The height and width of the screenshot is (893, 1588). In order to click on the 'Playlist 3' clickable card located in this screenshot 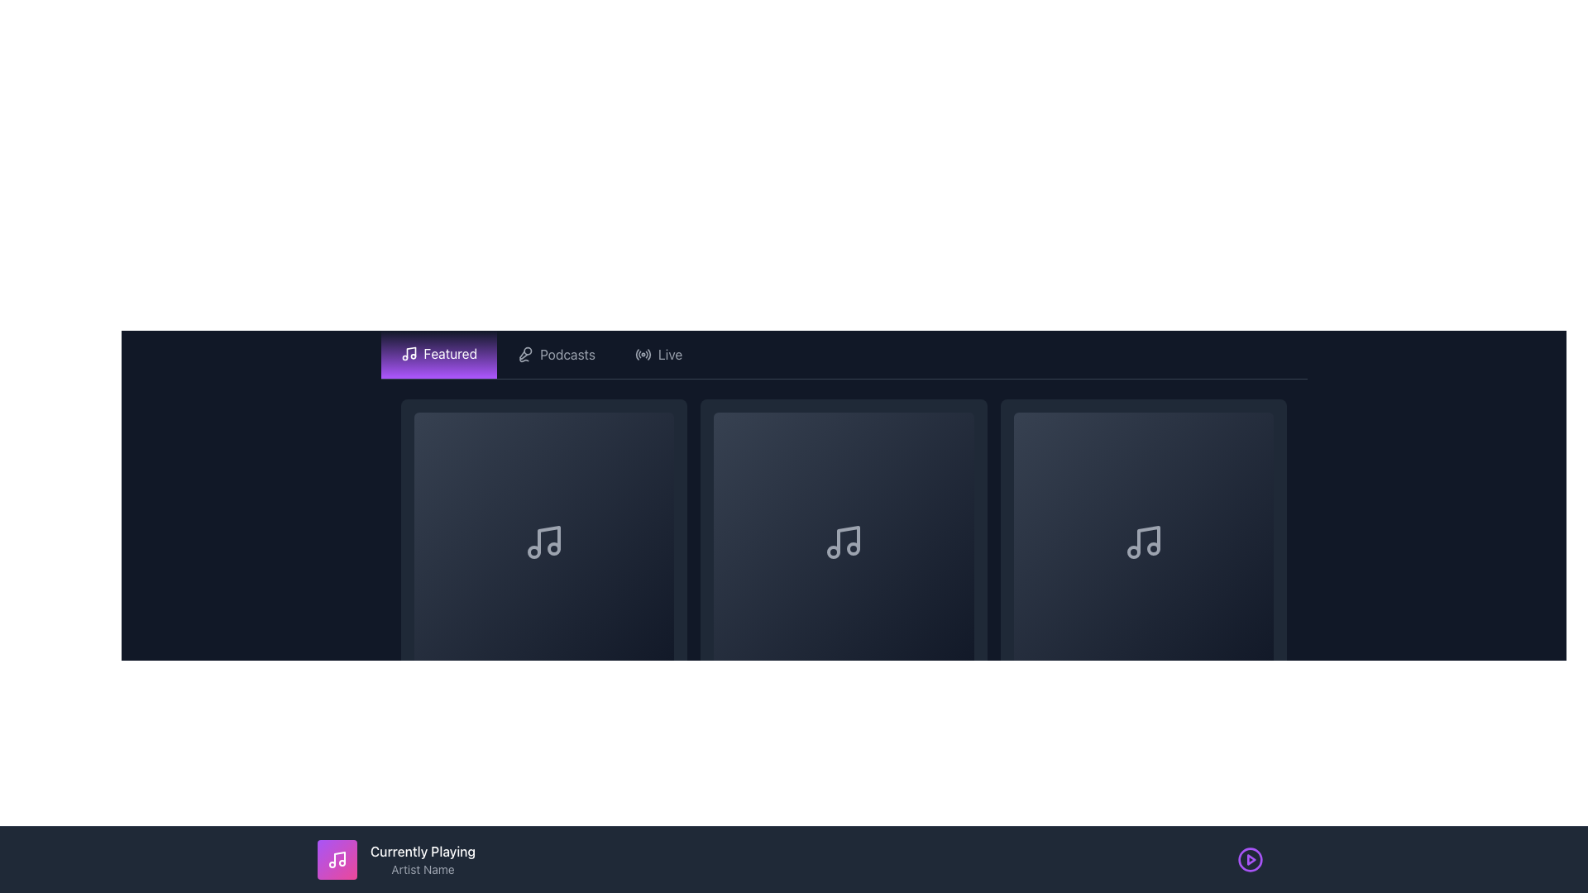, I will do `click(1143, 566)`.